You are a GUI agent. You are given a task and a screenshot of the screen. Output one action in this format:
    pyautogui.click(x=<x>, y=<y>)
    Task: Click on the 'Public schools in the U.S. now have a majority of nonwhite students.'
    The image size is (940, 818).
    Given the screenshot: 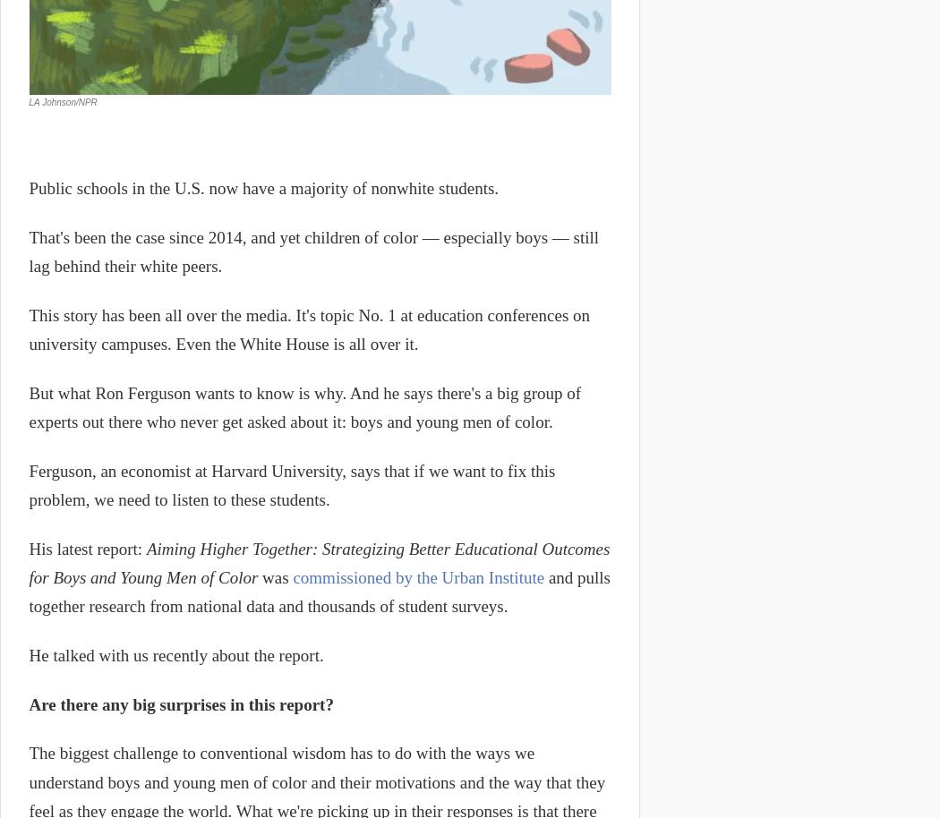 What is the action you would take?
    pyautogui.click(x=262, y=188)
    